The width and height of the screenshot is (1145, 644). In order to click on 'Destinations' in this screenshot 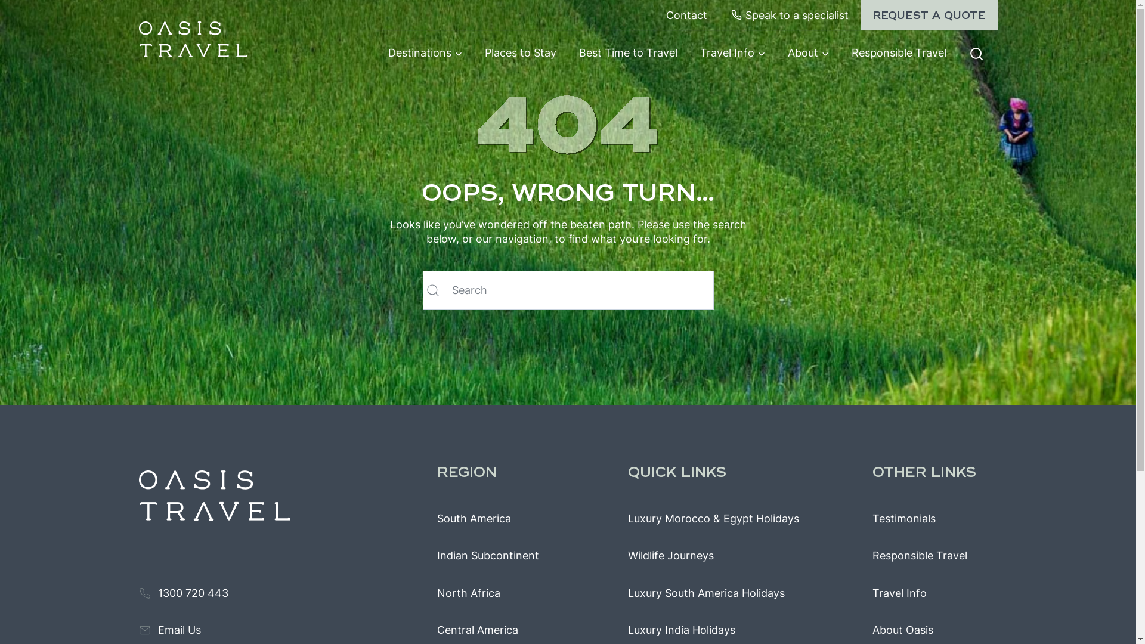, I will do `click(425, 52)`.